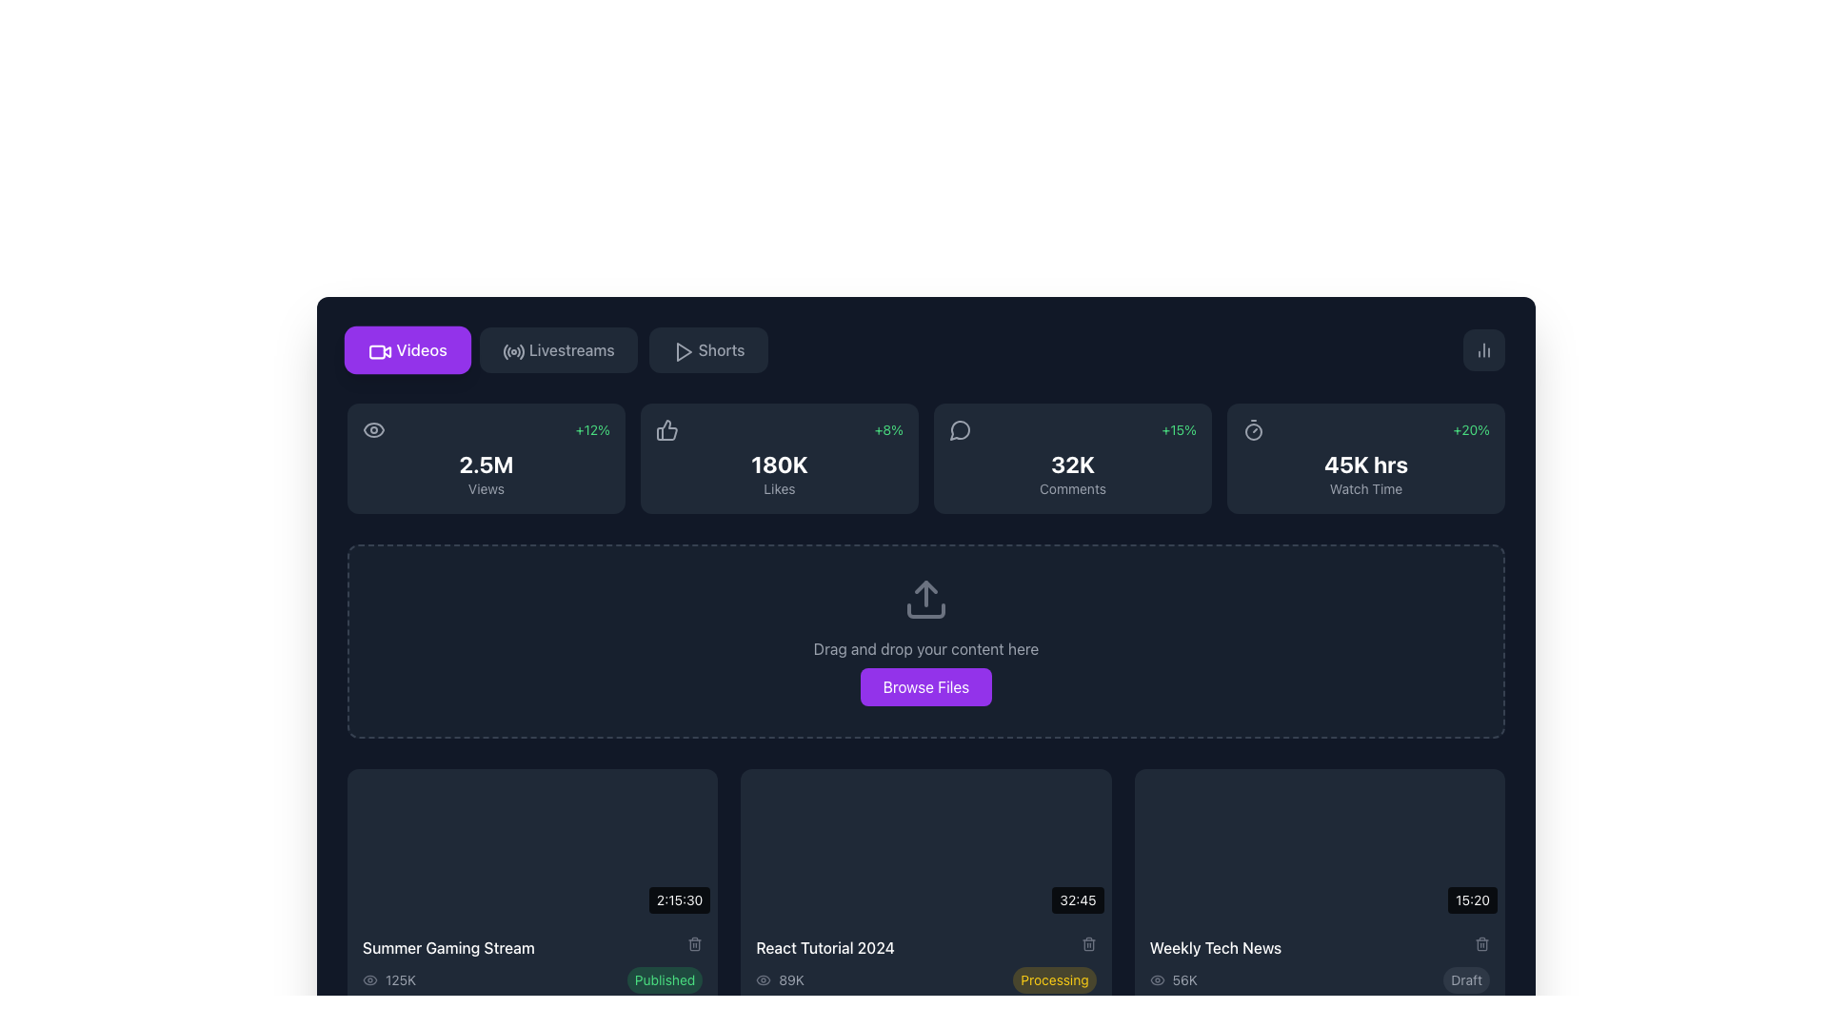 The height and width of the screenshot is (1028, 1828). Describe the element at coordinates (570, 349) in the screenshot. I see `the text label displaying 'Livestreams', which is styled in gray and is part of a selectable menu group located between 'Videos' and 'Shorts'` at that location.